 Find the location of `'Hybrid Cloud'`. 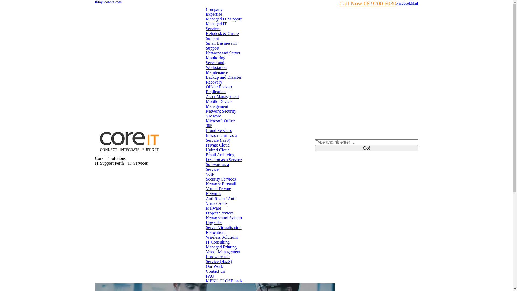

'Hybrid Cloud' is located at coordinates (205, 150).